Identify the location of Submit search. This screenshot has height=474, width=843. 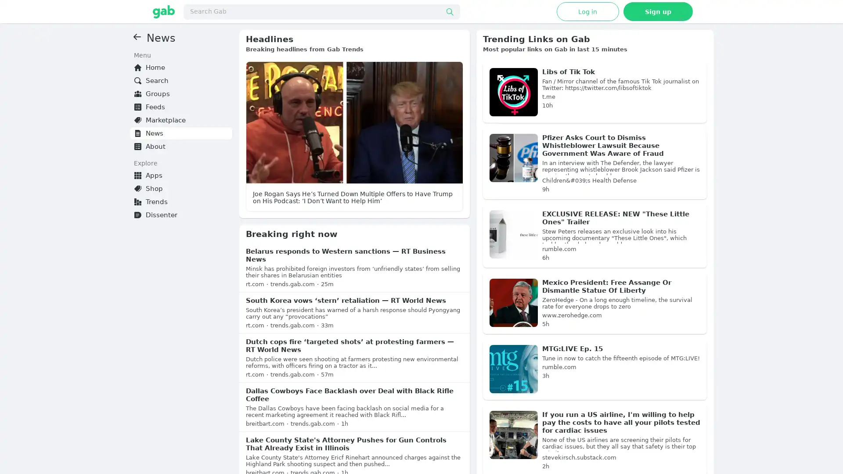
(449, 11).